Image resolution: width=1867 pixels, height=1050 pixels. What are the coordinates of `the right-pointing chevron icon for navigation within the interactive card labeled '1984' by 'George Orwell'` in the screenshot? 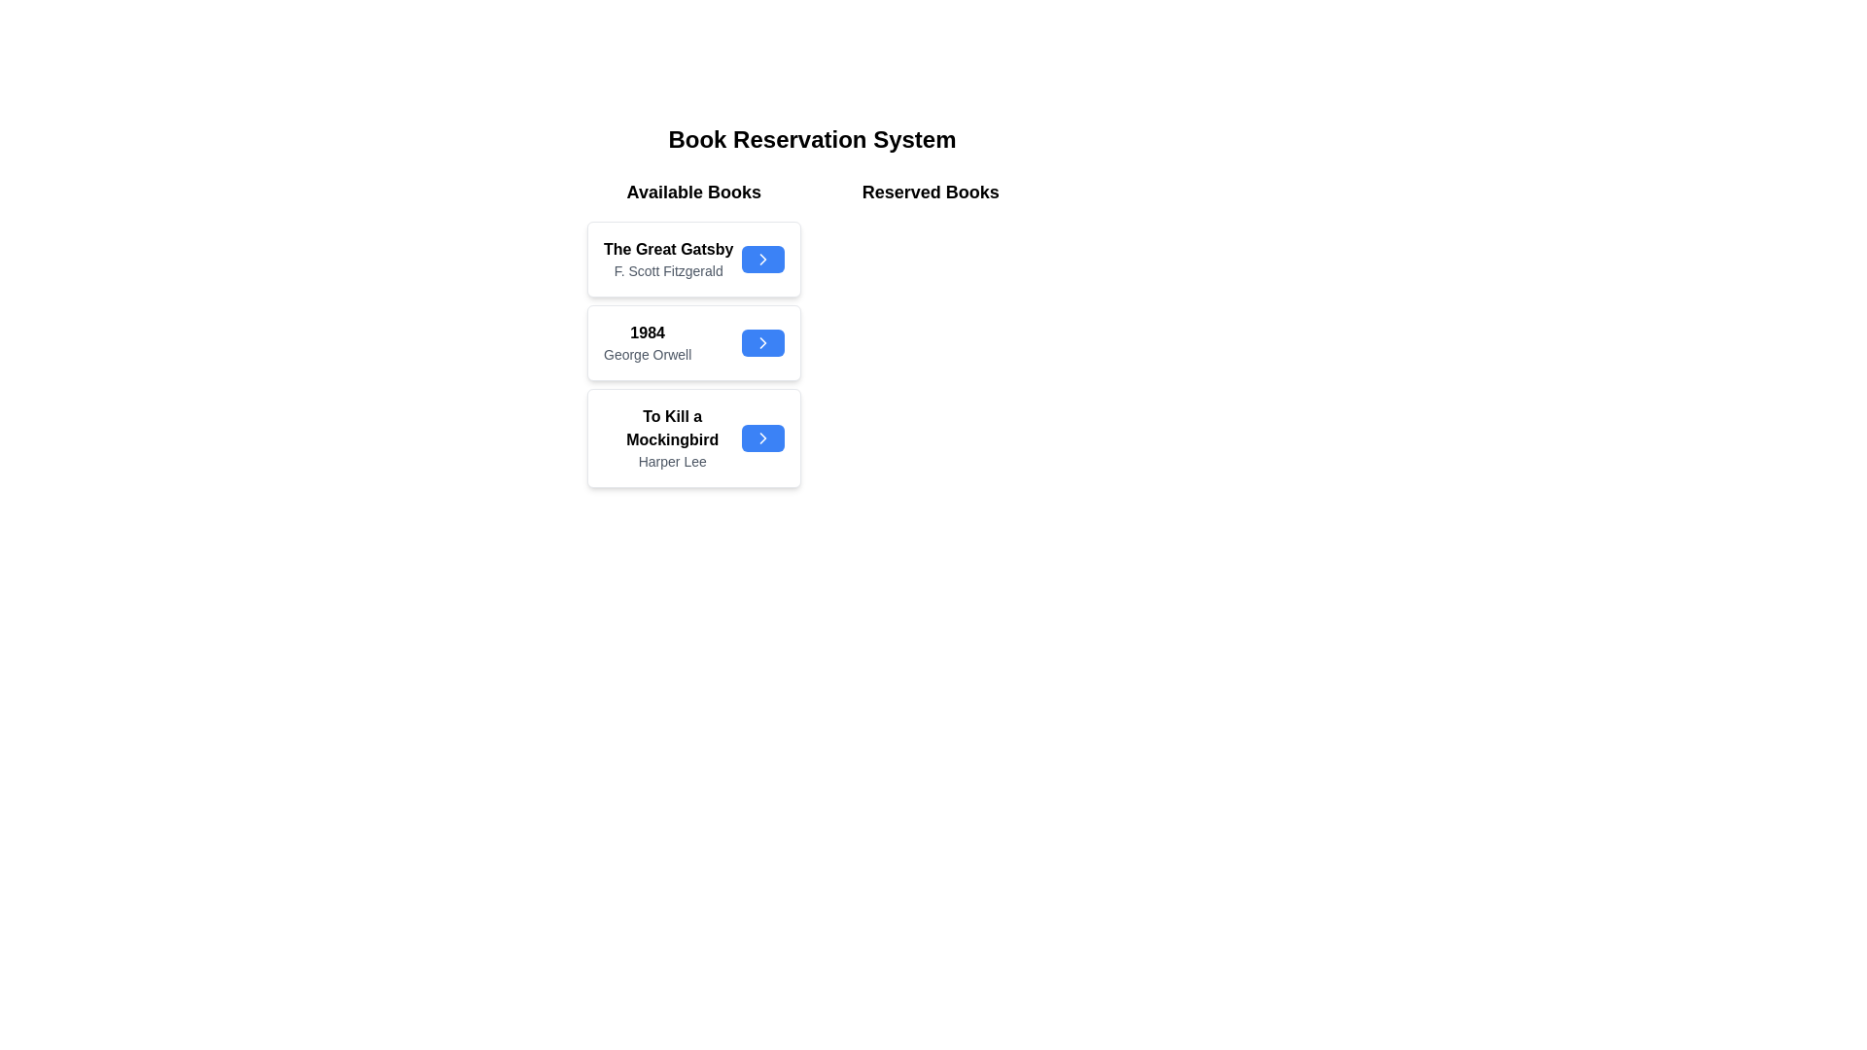 It's located at (761, 438).